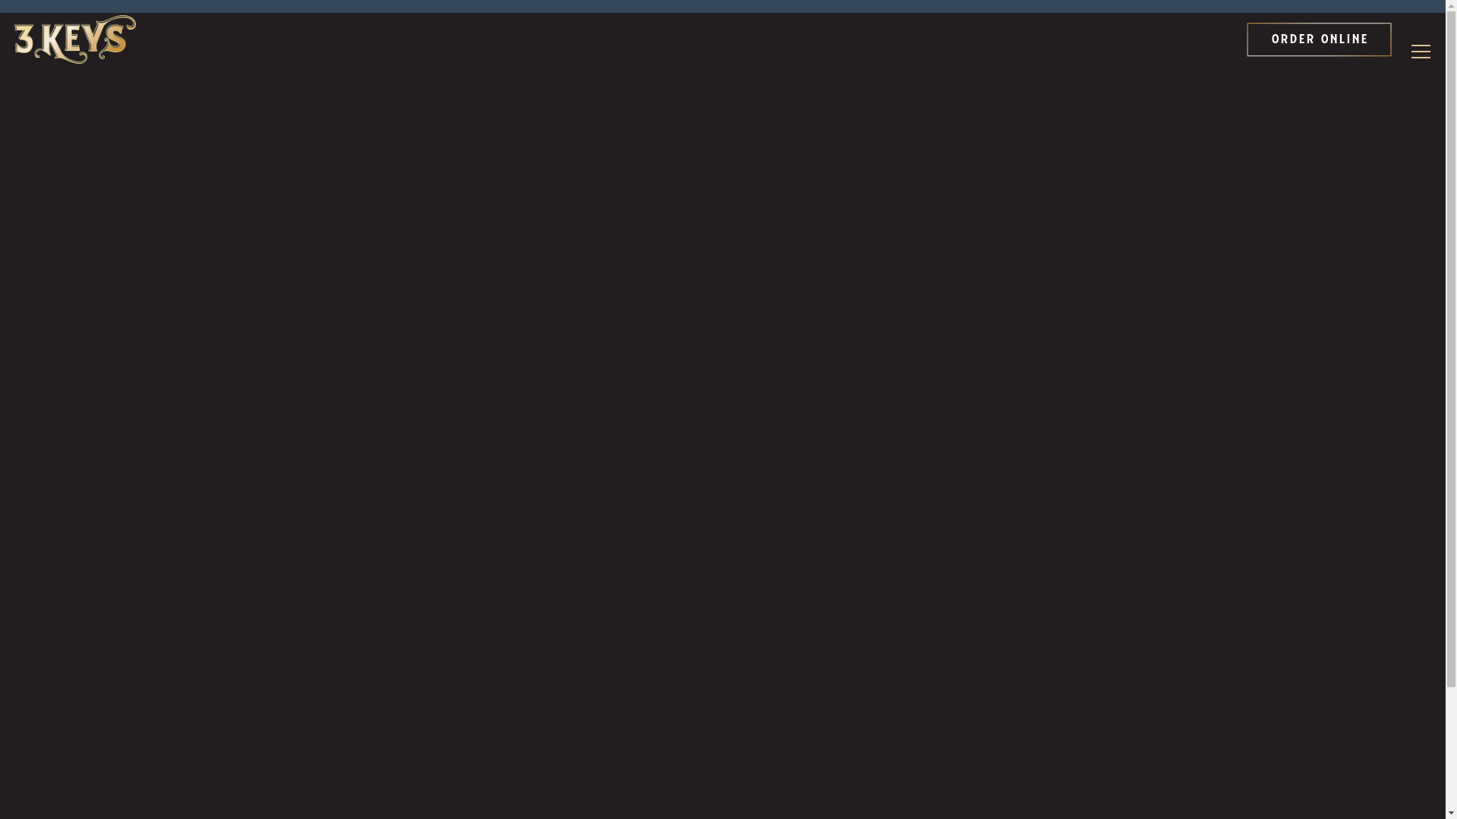 This screenshot has height=819, width=1457. What do you see at coordinates (1318, 38) in the screenshot?
I see `'ORDER ONLINE'` at bounding box center [1318, 38].